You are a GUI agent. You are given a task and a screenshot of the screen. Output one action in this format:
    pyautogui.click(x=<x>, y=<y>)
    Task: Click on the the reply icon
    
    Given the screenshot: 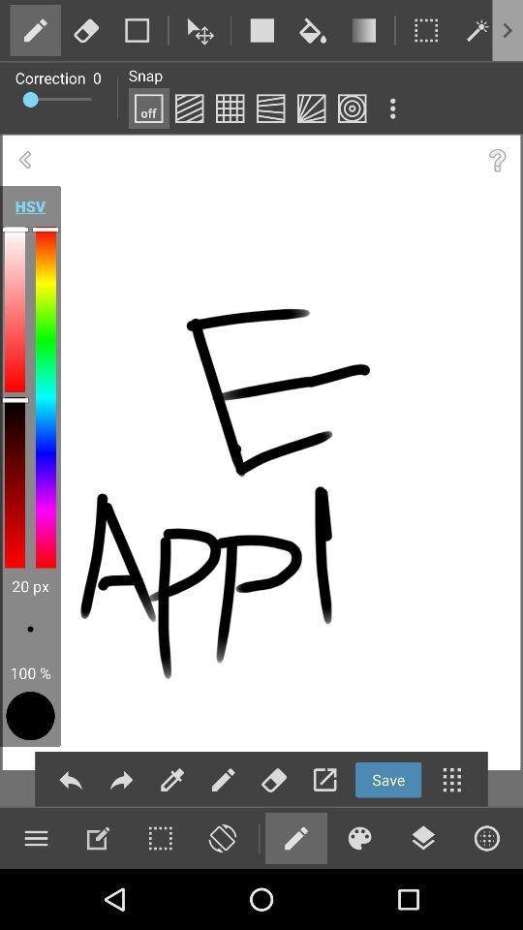 What is the action you would take?
    pyautogui.click(x=70, y=780)
    